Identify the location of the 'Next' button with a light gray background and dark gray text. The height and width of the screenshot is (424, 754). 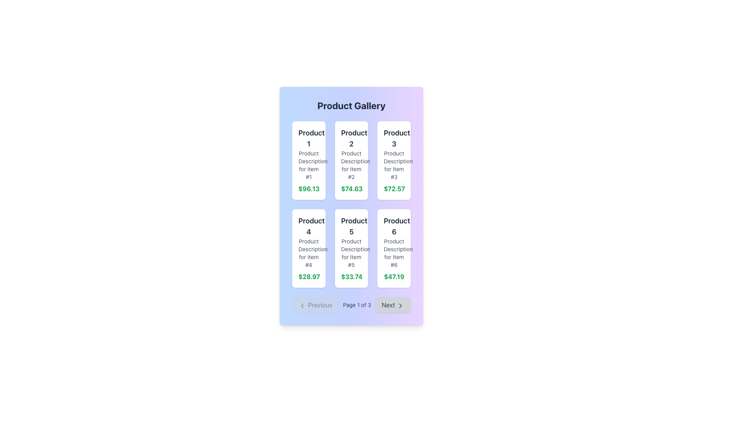
(393, 304).